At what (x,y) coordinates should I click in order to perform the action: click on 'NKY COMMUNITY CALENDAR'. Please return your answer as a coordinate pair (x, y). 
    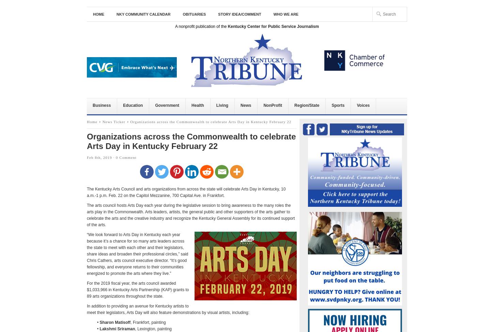
    Looking at the image, I should click on (117, 14).